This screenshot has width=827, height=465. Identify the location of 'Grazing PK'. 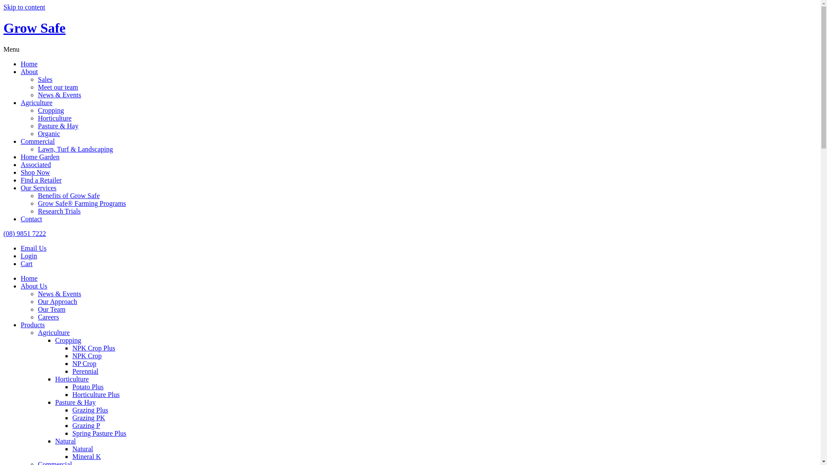
(89, 417).